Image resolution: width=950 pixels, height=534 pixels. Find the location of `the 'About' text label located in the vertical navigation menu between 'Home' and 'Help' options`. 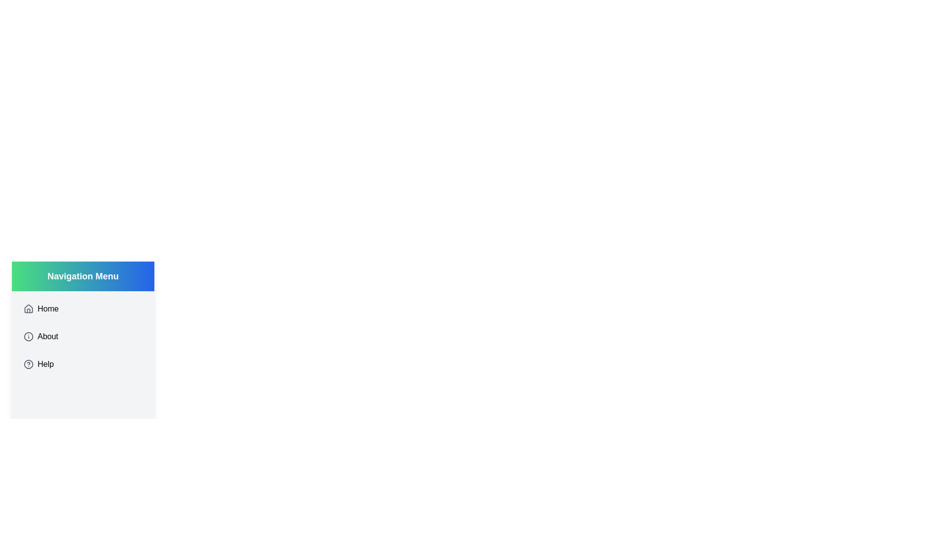

the 'About' text label located in the vertical navigation menu between 'Home' and 'Help' options is located at coordinates (47, 336).